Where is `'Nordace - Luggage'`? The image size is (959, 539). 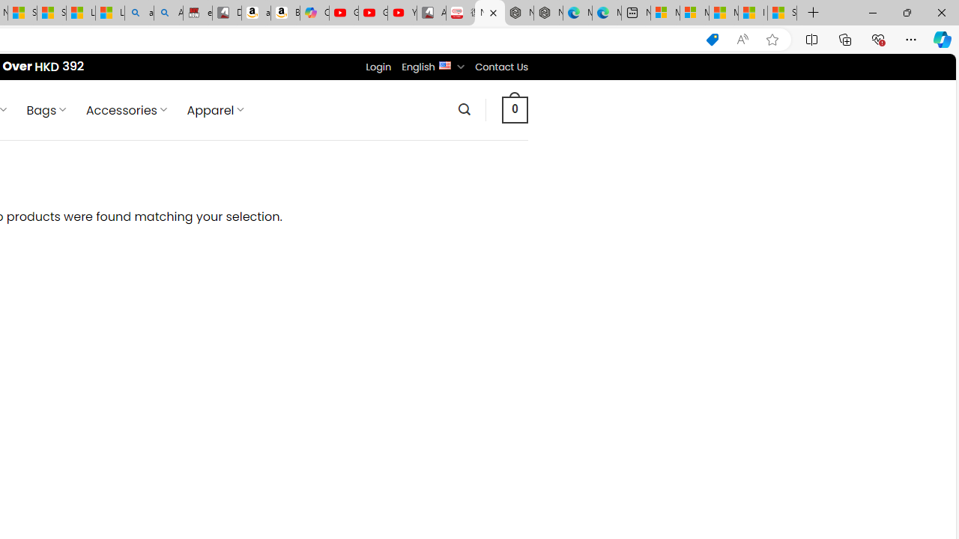
'Nordace - Luggage' is located at coordinates (490, 13).